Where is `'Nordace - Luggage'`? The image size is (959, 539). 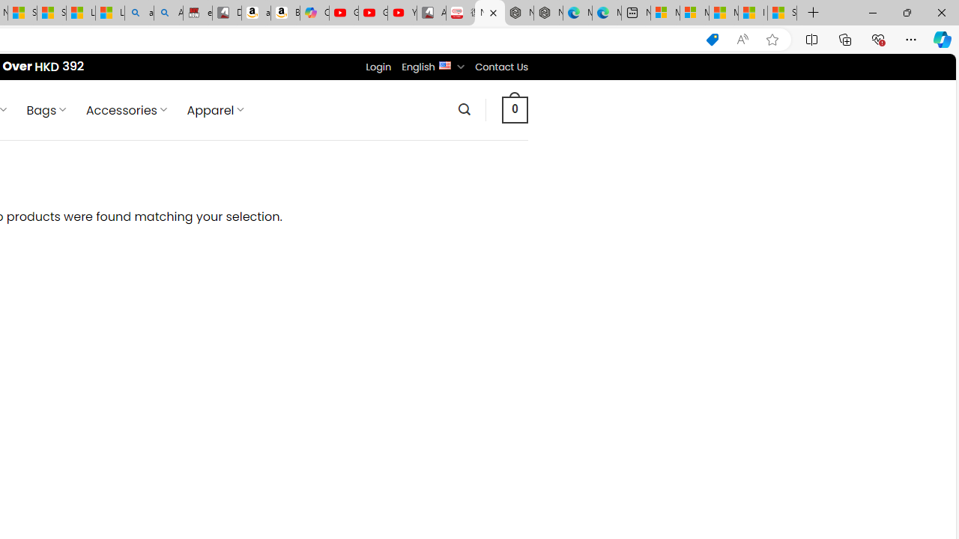
'Nordace - Luggage' is located at coordinates (490, 13).